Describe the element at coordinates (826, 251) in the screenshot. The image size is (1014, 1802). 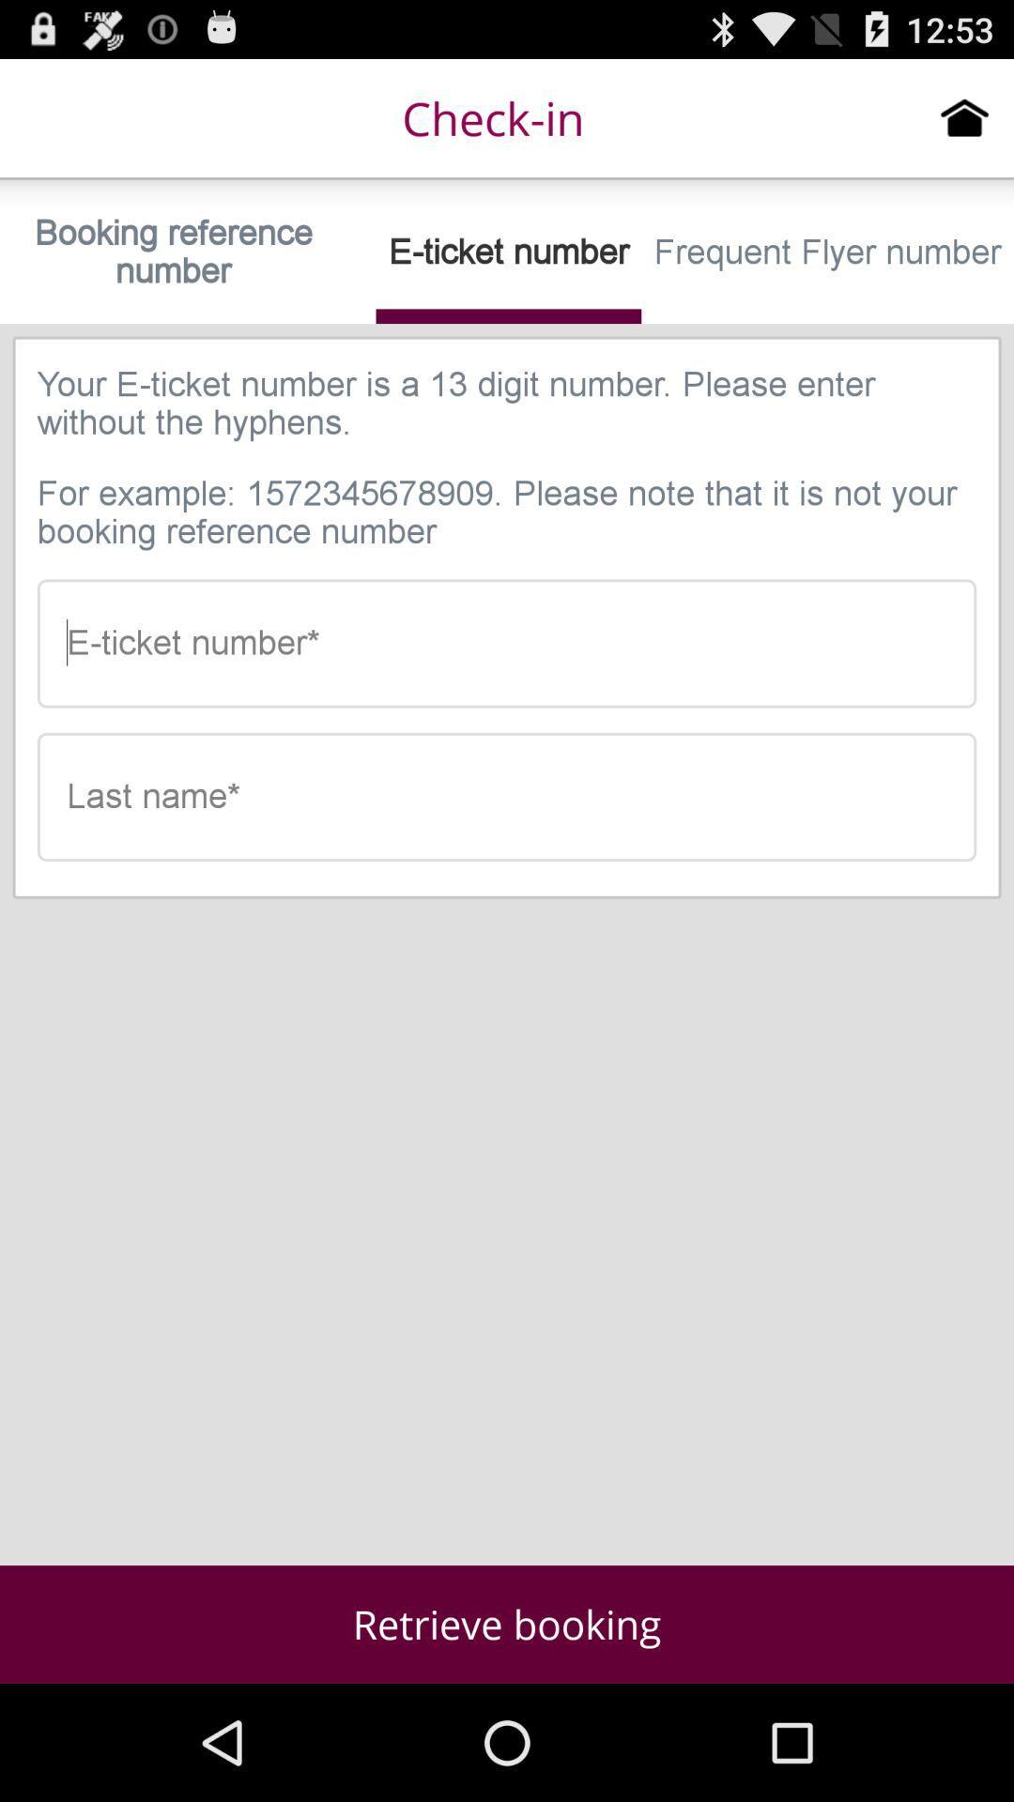
I see `the frequent flyer number icon` at that location.